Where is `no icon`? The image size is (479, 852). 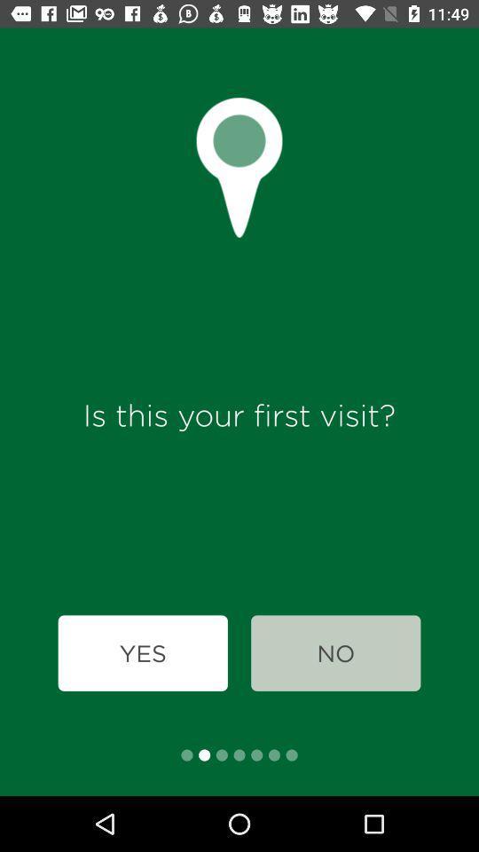
no icon is located at coordinates (335, 652).